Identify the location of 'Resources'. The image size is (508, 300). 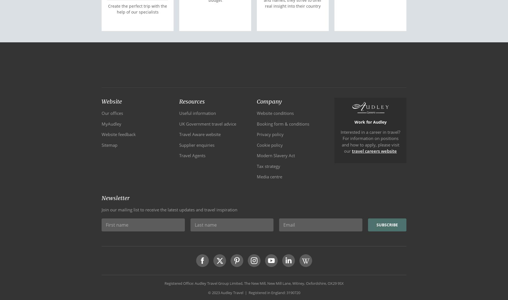
(192, 101).